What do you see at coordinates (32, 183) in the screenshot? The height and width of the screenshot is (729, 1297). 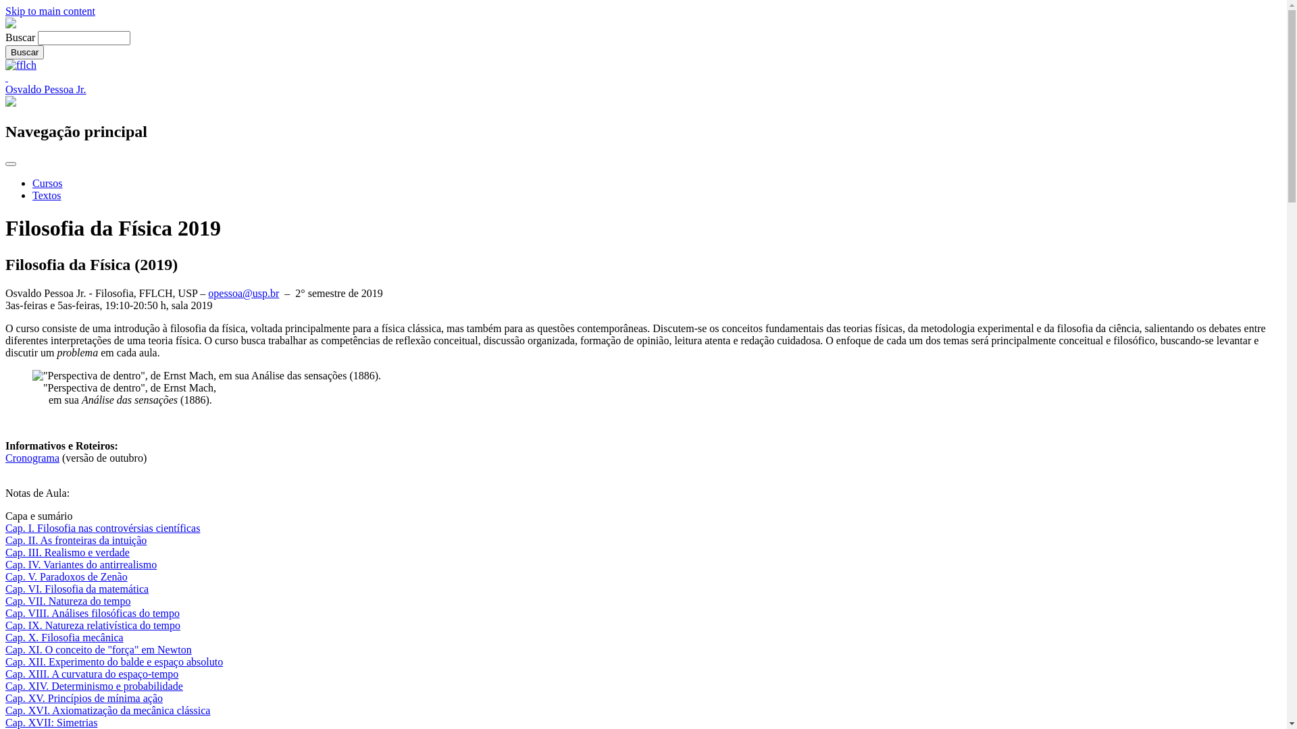 I see `'Cursos'` at bounding box center [32, 183].